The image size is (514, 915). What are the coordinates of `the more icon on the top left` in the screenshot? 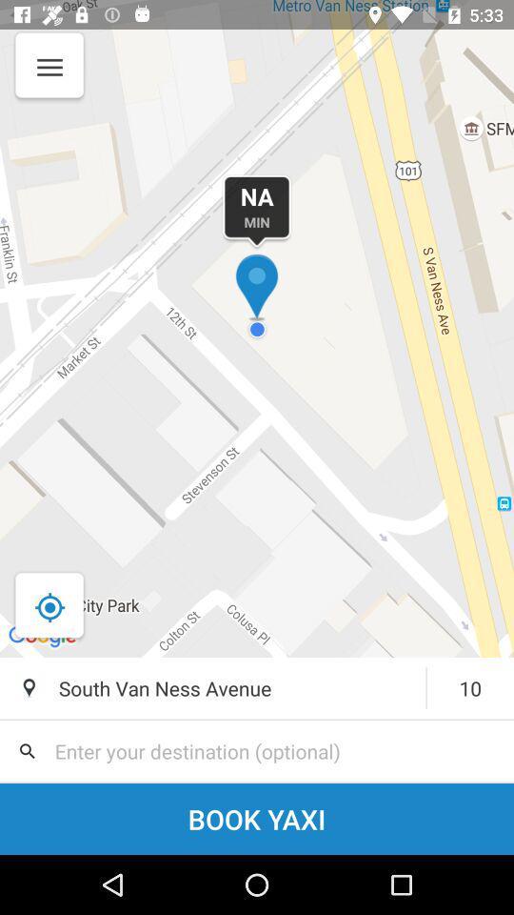 It's located at (48, 78).